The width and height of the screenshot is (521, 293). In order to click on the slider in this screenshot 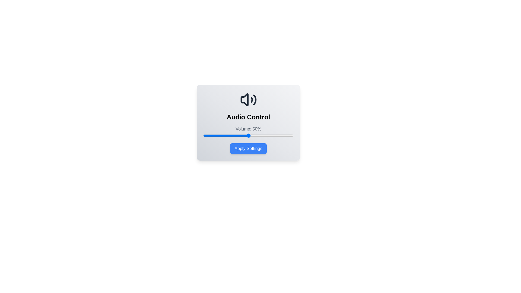, I will do `click(209, 135)`.